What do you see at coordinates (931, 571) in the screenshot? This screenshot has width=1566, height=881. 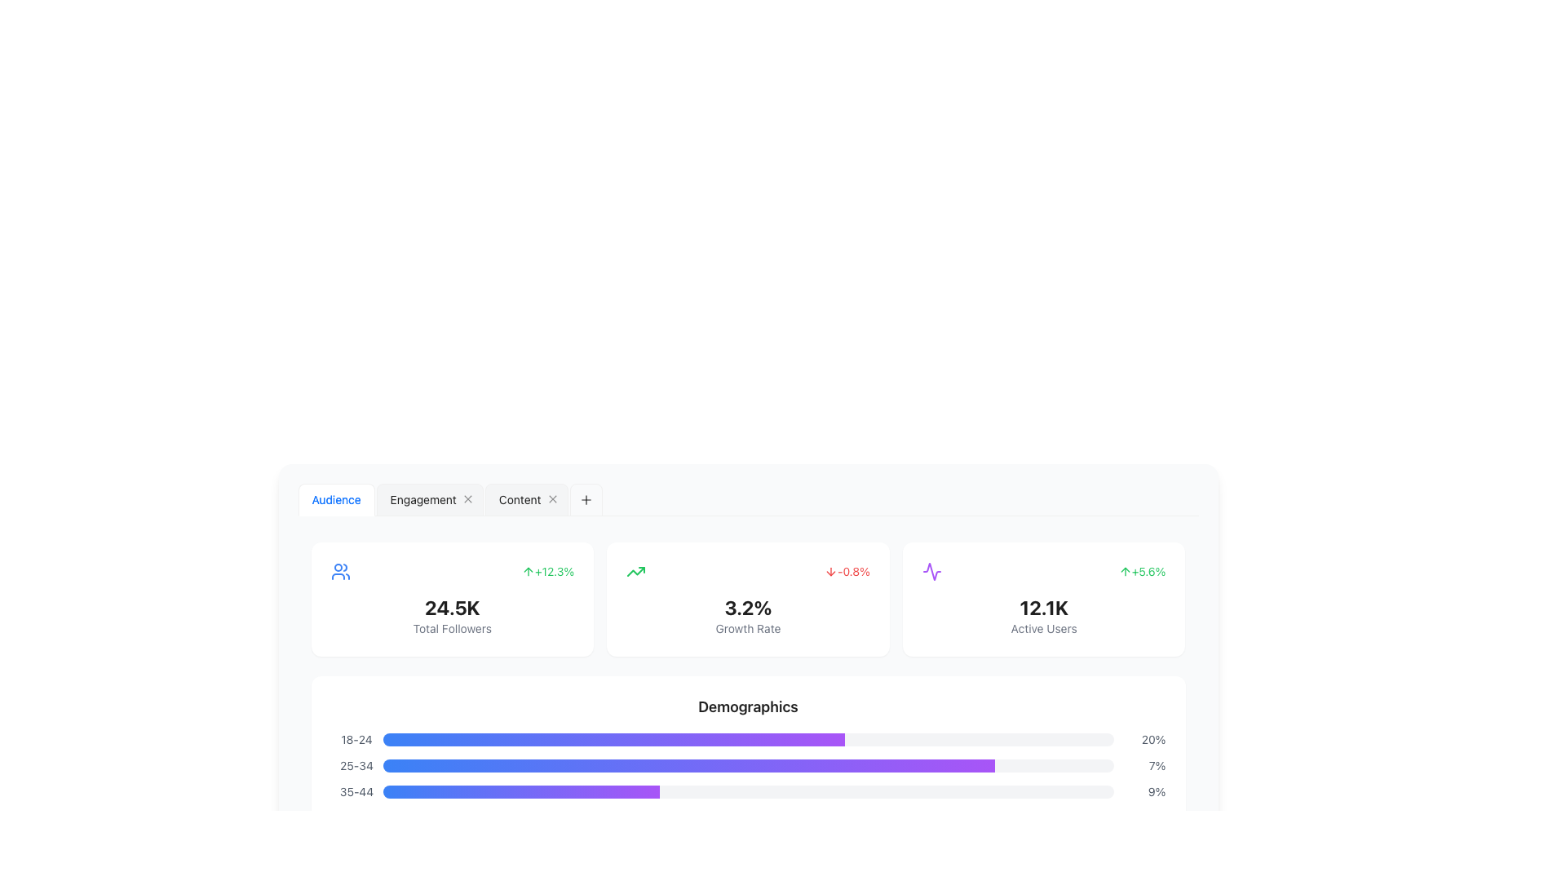 I see `the purple sinusoidal waveform Decorative SVG icon located in the small square box of the fourth card labeled '12.1K Active Users'` at bounding box center [931, 571].